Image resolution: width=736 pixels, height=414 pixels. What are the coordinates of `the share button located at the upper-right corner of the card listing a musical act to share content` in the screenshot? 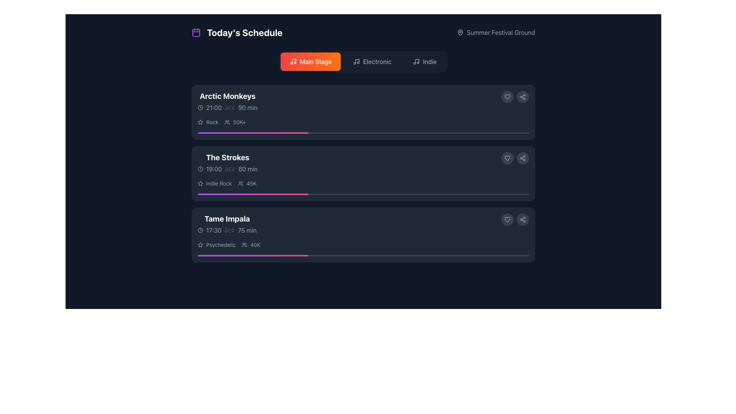 It's located at (522, 158).